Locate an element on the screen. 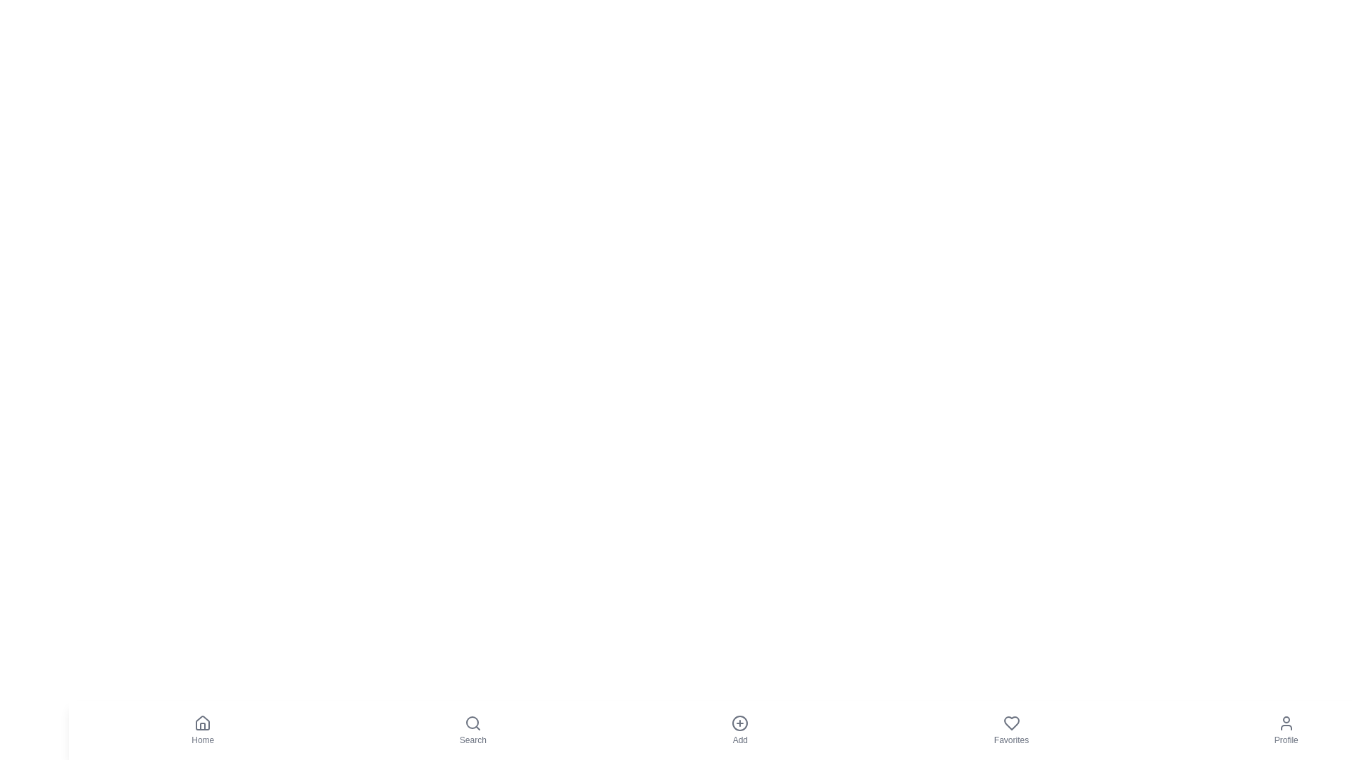 The image size is (1352, 760). the user icon, which is a minimalistic gray graphic resembling a round head and shoulders, located within the 'Profile' button at the bottom right corner of the interface is located at coordinates (1286, 723).